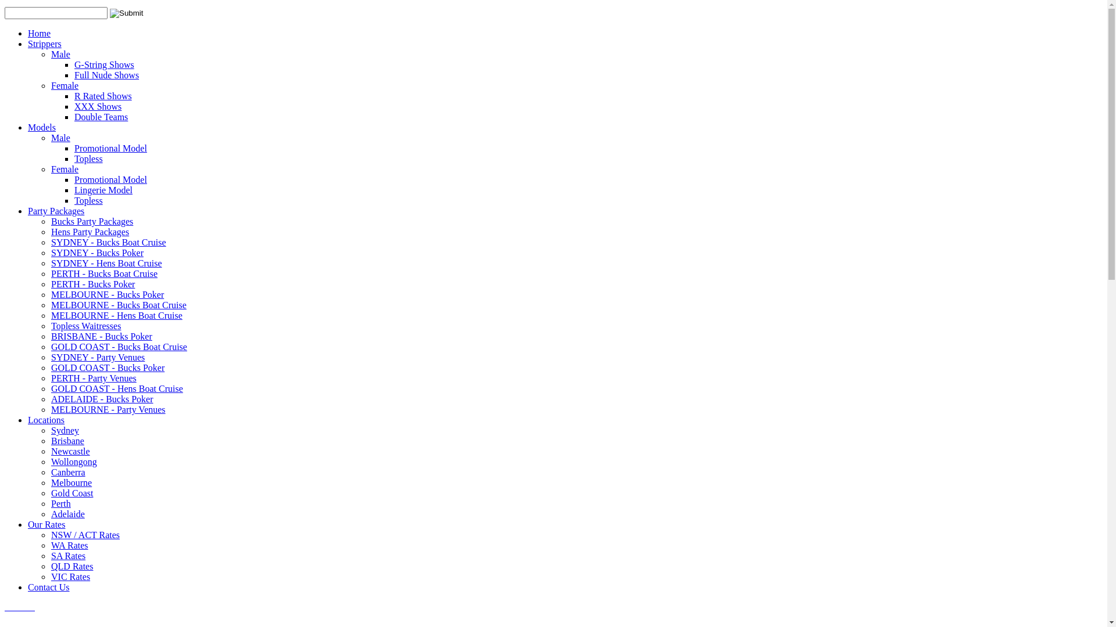 The height and width of the screenshot is (627, 1116). I want to click on 'Sydney', so click(64, 430).